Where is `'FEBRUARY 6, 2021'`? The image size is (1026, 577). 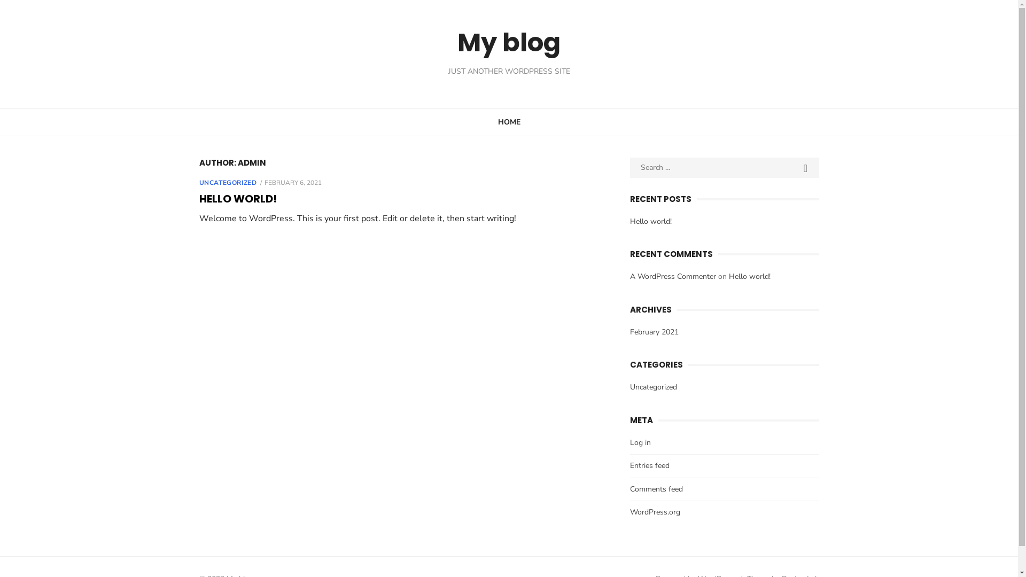
'FEBRUARY 6, 2021' is located at coordinates (293, 182).